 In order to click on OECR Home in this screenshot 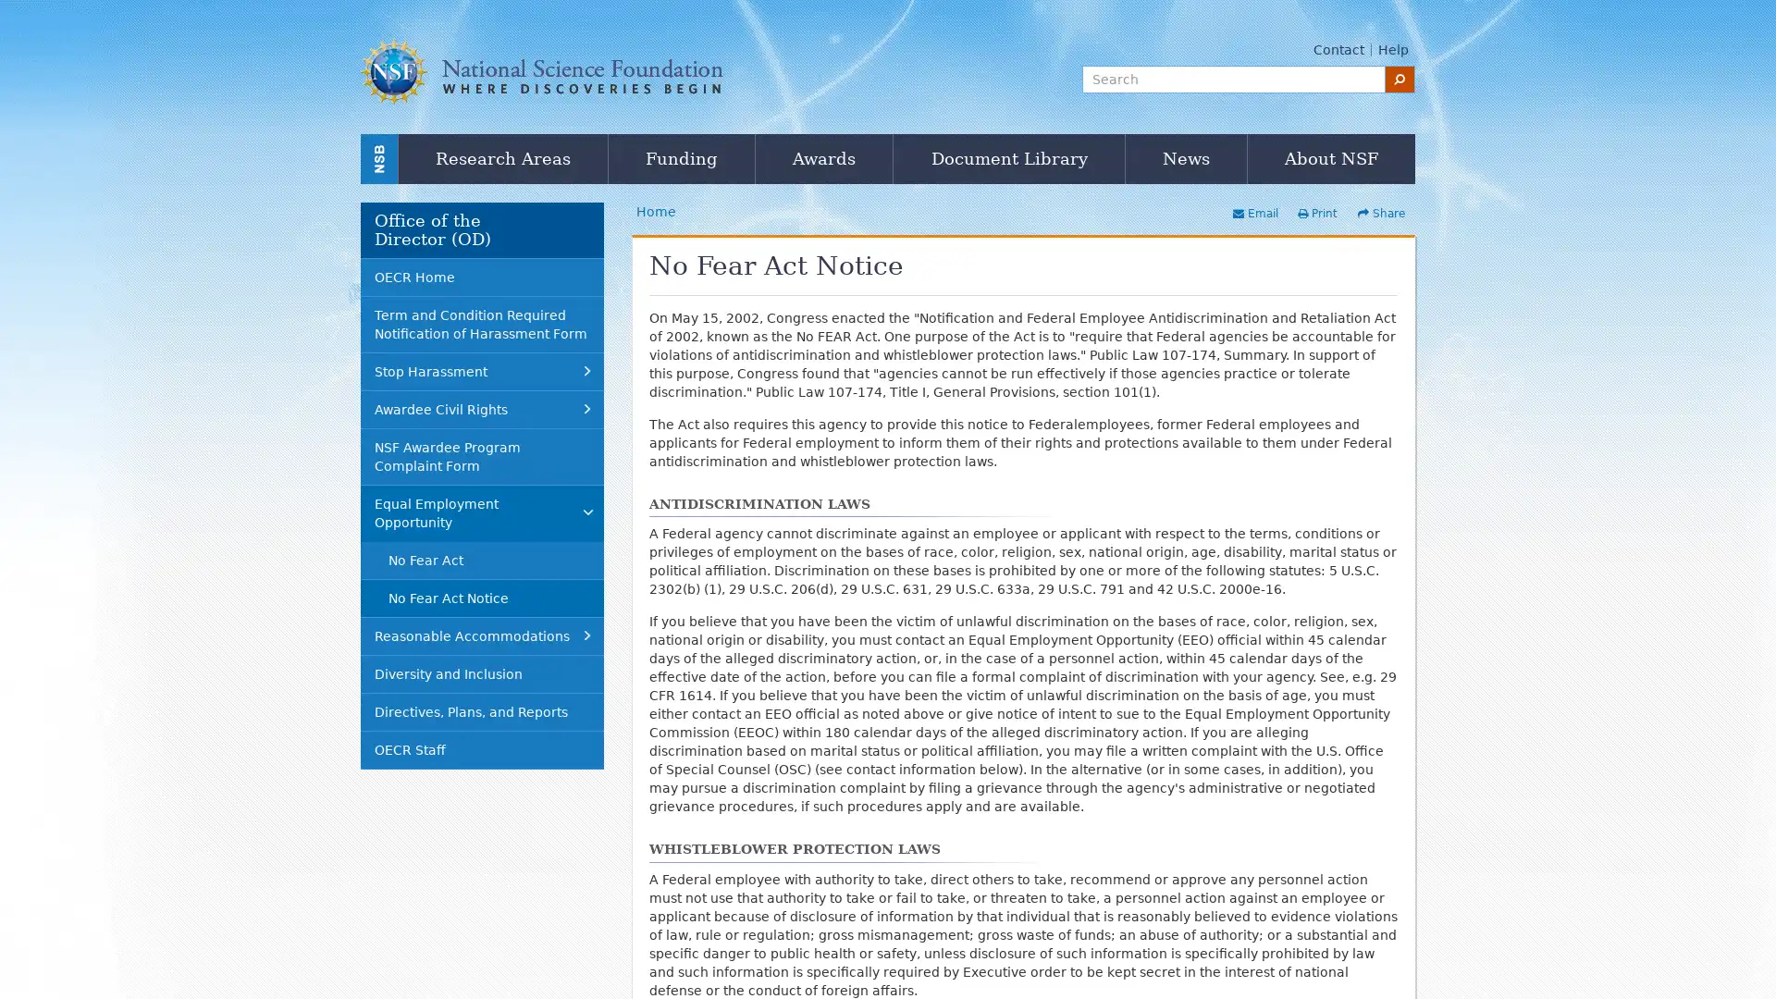, I will do `click(482, 277)`.